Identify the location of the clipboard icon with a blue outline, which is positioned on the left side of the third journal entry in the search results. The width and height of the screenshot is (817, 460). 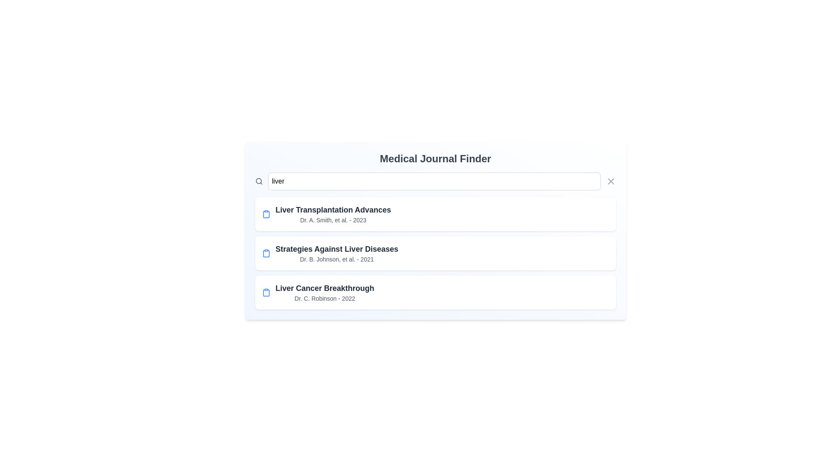
(266, 292).